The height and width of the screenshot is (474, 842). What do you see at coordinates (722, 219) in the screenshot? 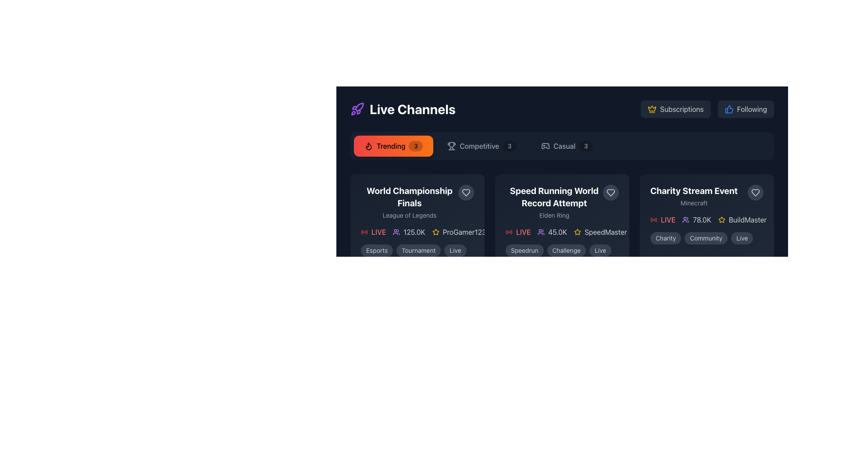
I see `the star icon located to the left of the 'BuildMaster' text in the 'Charity Stream Event' card` at bounding box center [722, 219].